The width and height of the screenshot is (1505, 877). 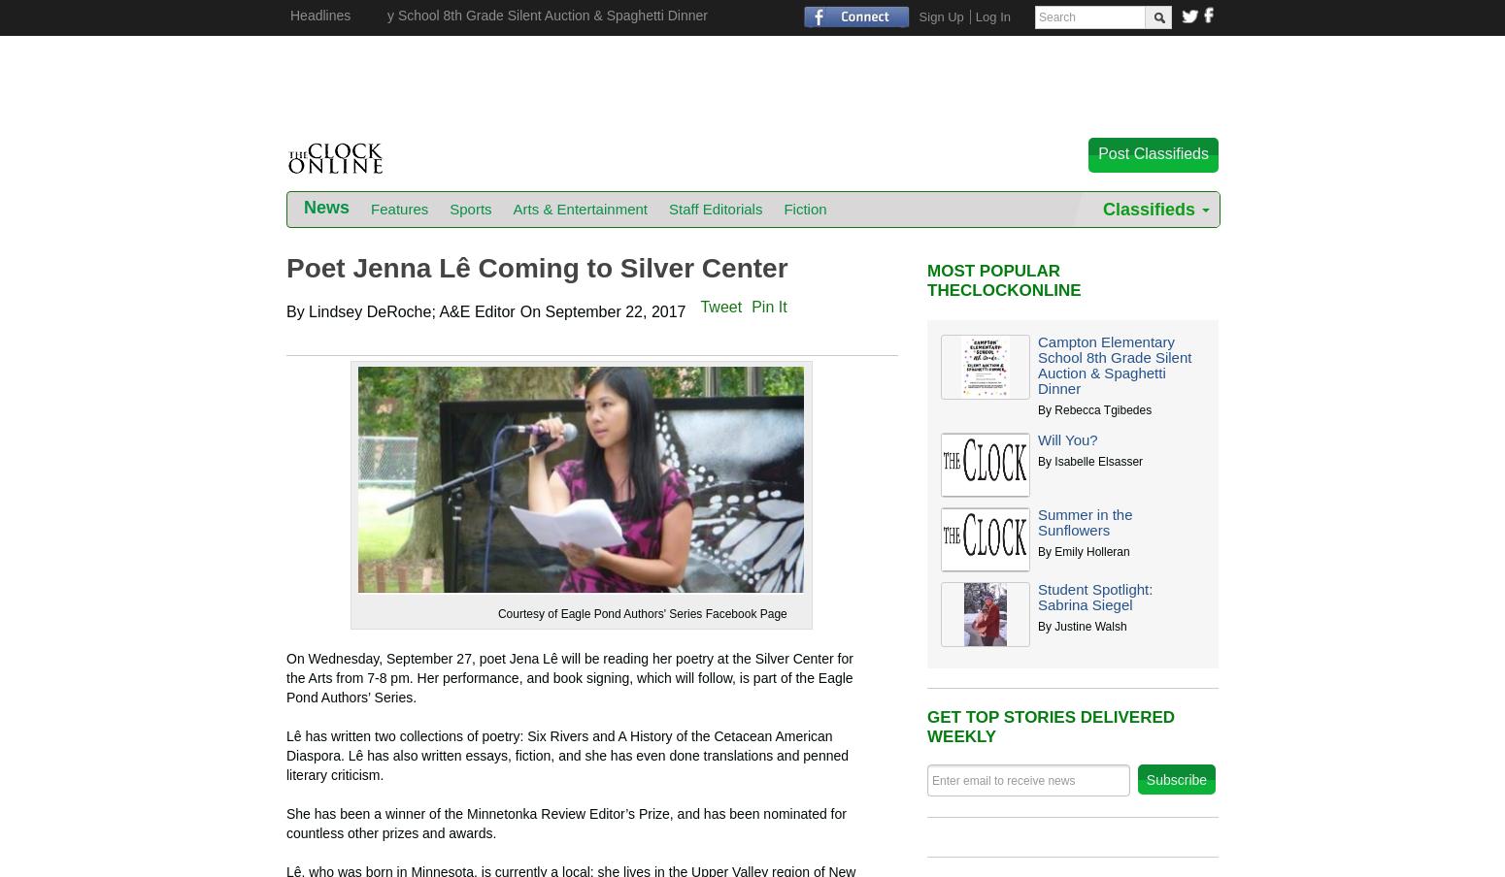 I want to click on 'She has been a winner of the Minnetonka Review Editor’s Prize, and has been nominated for countless other prizes and awards.', so click(x=565, y=823).